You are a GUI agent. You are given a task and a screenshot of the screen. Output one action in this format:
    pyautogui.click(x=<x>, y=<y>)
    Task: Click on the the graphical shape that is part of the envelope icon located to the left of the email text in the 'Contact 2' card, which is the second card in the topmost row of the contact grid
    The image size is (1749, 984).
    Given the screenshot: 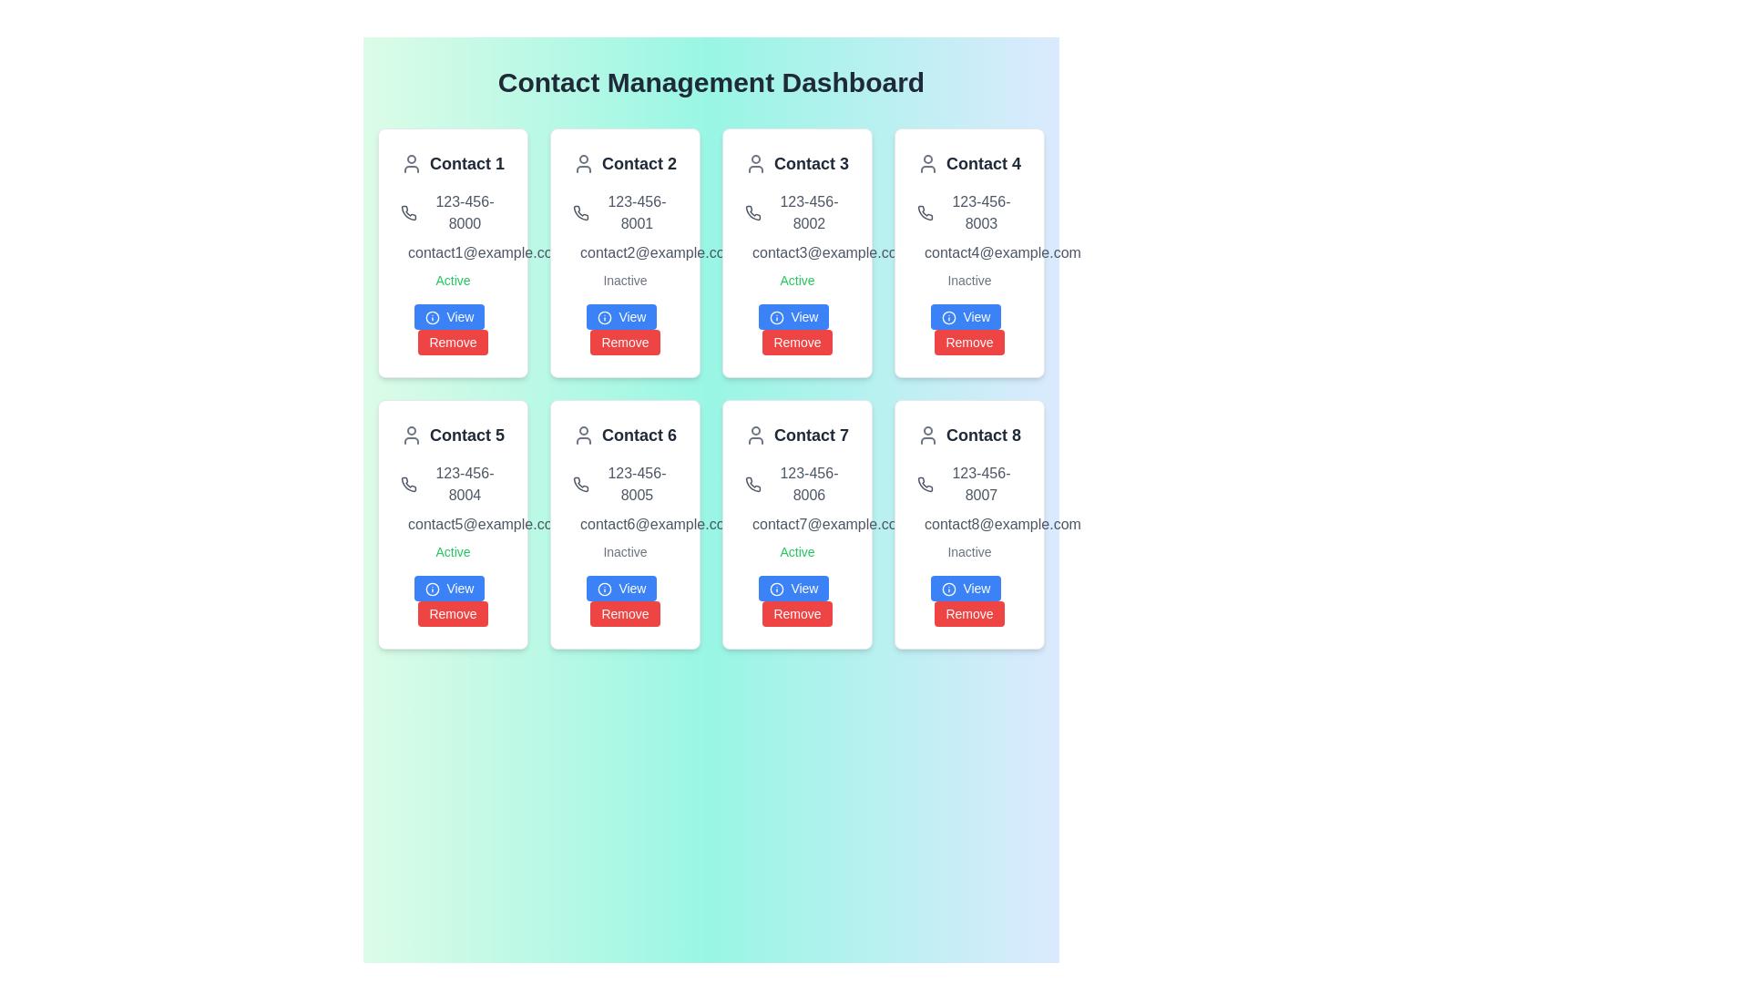 What is the action you would take?
    pyautogui.click(x=584, y=255)
    